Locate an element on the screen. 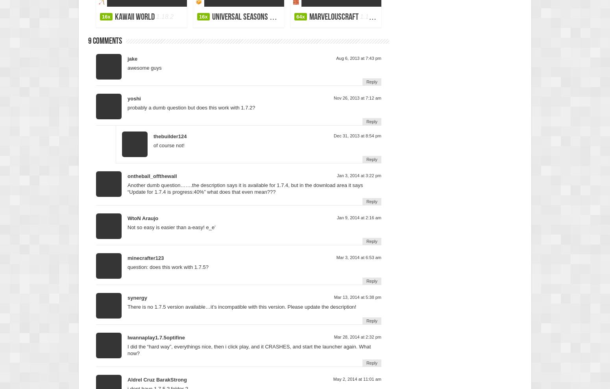 This screenshot has width=610, height=389. 'minecrafter123' is located at coordinates (145, 257).